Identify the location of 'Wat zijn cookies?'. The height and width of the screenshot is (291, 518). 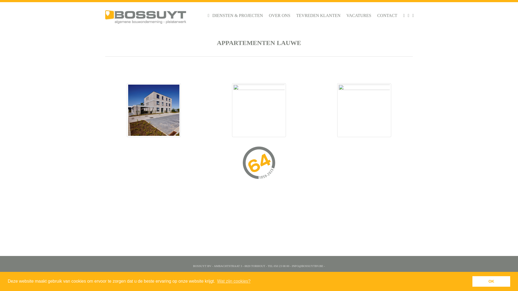
(216, 281).